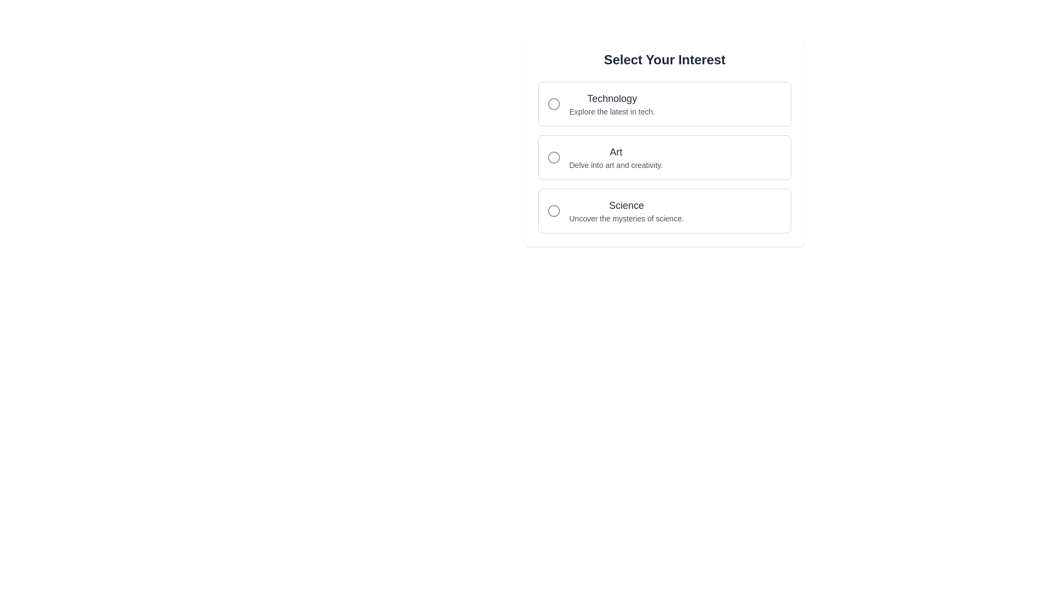  Describe the element at coordinates (616, 152) in the screenshot. I see `the text label displaying 'Art', which is styled with a large, bold, dark gray font and located above the subtitle in the second option card of the 'Select Your Interest' section` at that location.